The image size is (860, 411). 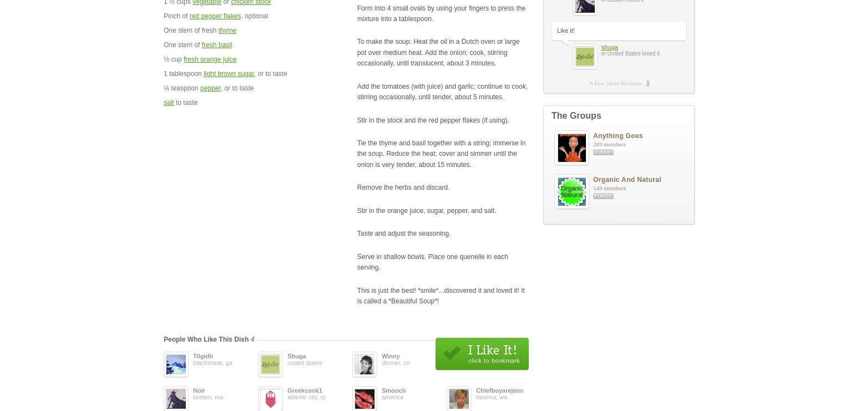 What do you see at coordinates (437, 52) in the screenshot?
I see `'To make the soup: Heat the oil in a Dutch oven or large pot over medium heat. Add the onion; cook, stirring occasionally, until translucent, about 3 minutes.'` at bounding box center [437, 52].